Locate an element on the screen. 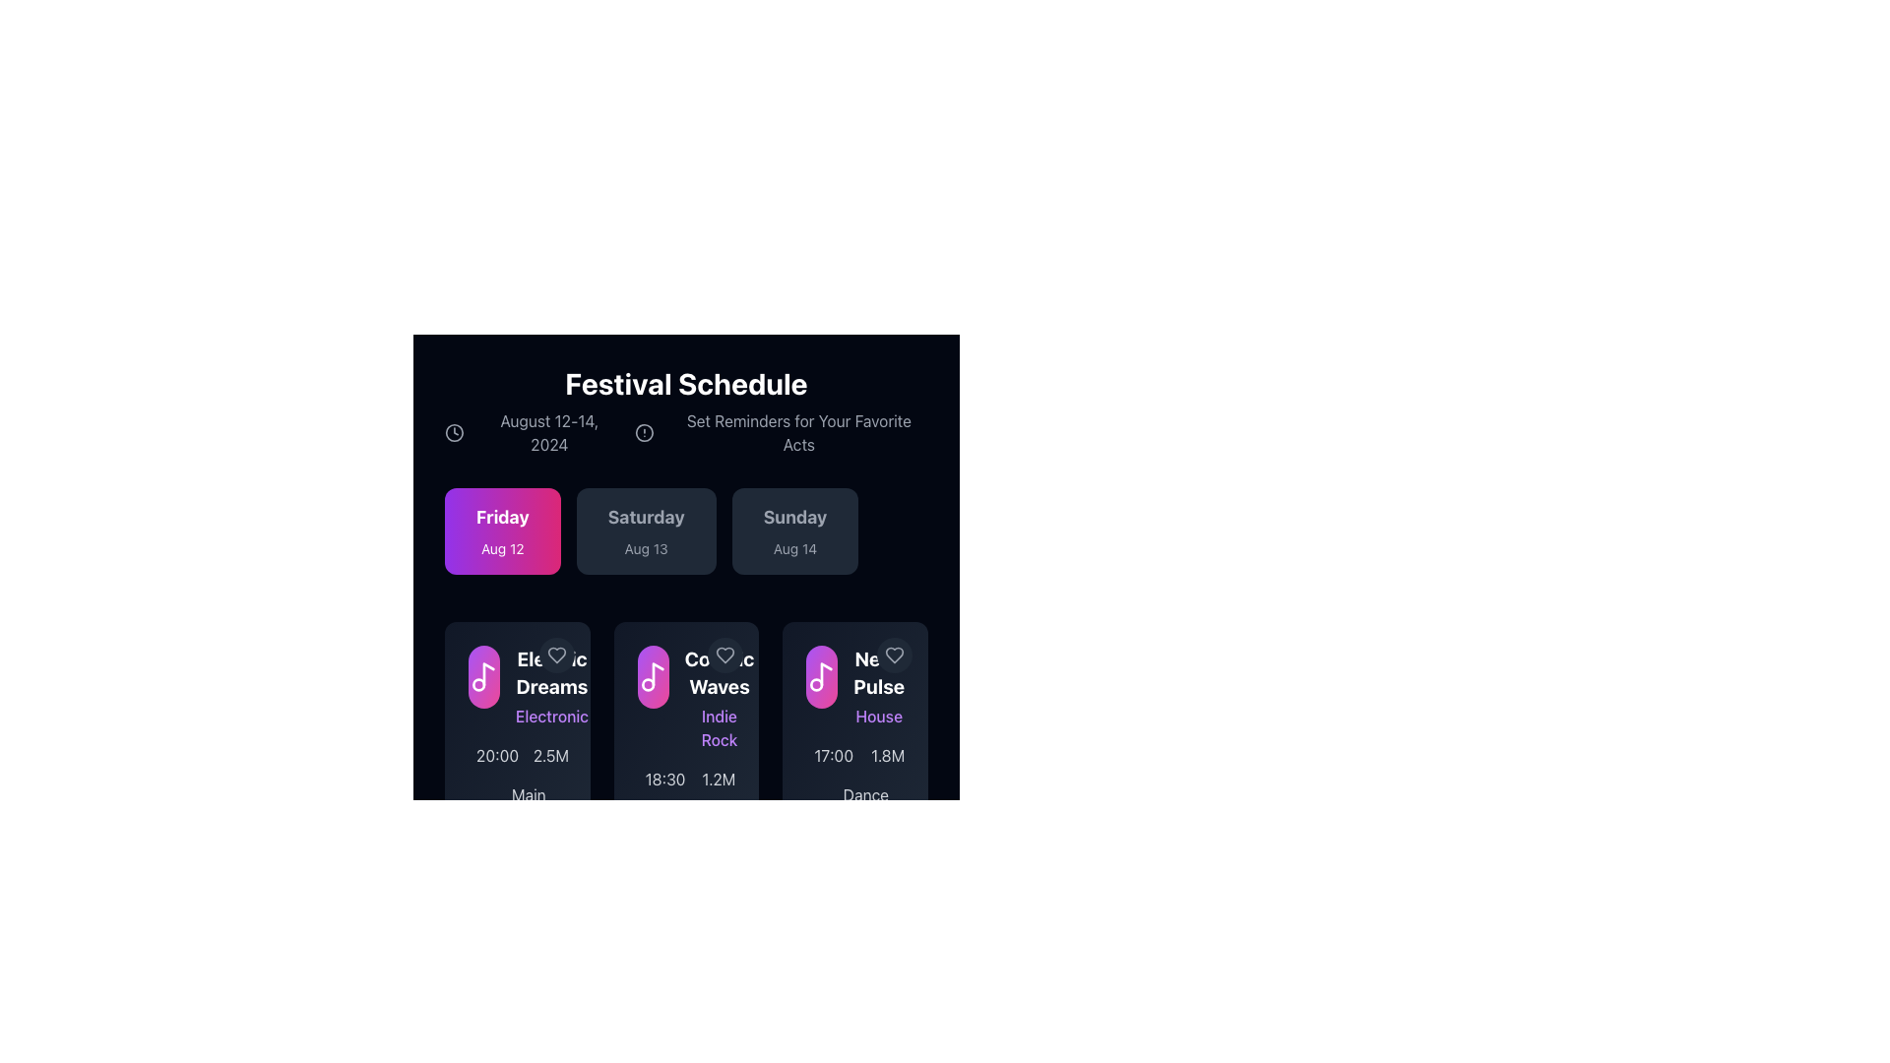  the circular button with a white heart icon is located at coordinates (555, 656).